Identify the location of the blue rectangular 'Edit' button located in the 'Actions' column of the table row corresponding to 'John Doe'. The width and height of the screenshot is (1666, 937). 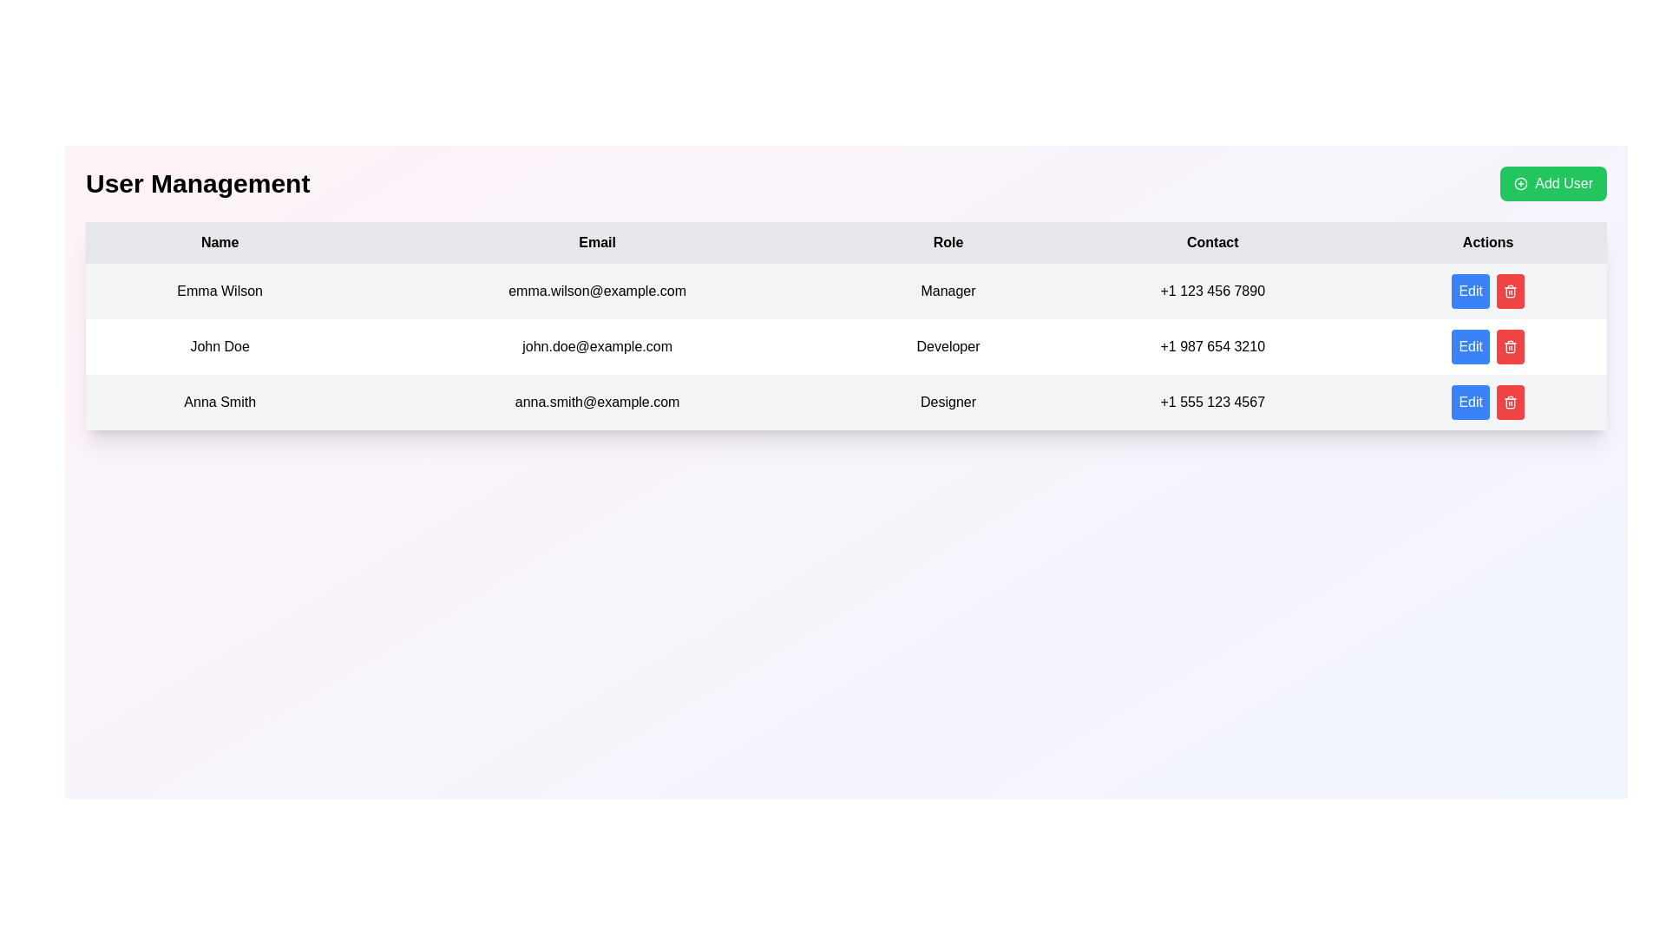
(1487, 347).